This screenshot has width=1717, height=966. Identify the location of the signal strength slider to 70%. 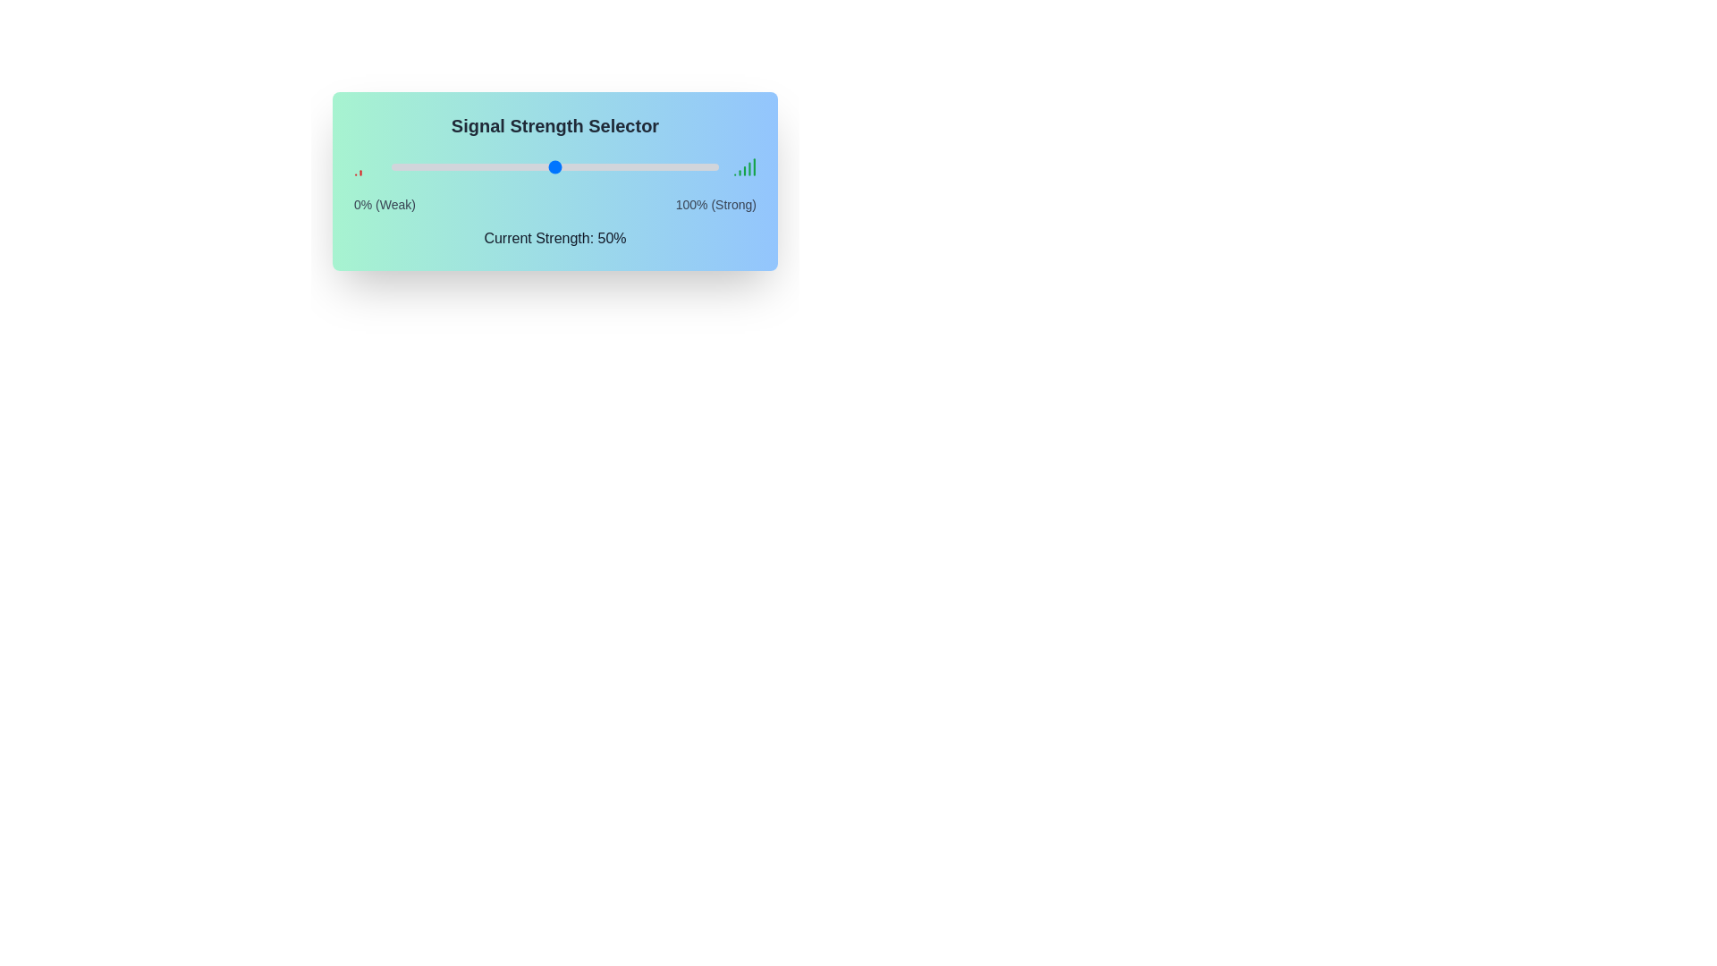
(621, 166).